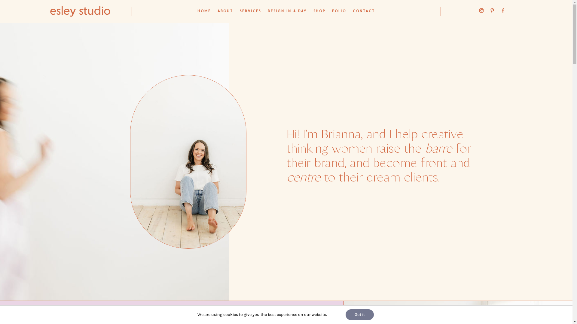 Image resolution: width=577 pixels, height=324 pixels. What do you see at coordinates (319, 13) in the screenshot?
I see `'SHOP'` at bounding box center [319, 13].